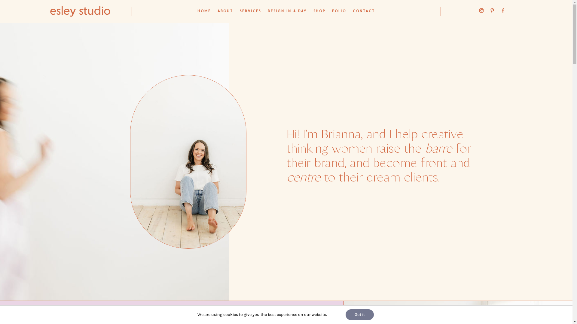 Image resolution: width=577 pixels, height=324 pixels. What do you see at coordinates (319, 13) in the screenshot?
I see `'SHOP'` at bounding box center [319, 13].